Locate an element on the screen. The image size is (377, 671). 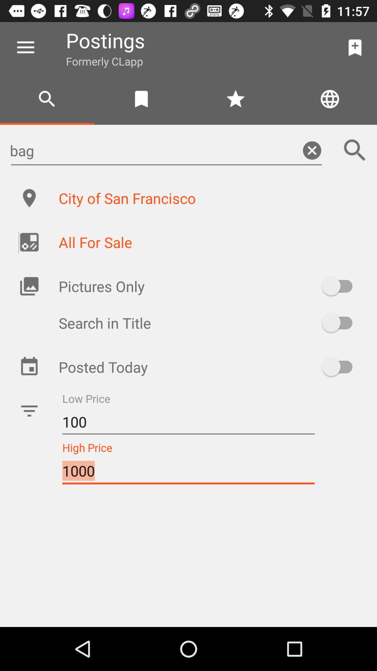
the bag is located at coordinates (167, 150).